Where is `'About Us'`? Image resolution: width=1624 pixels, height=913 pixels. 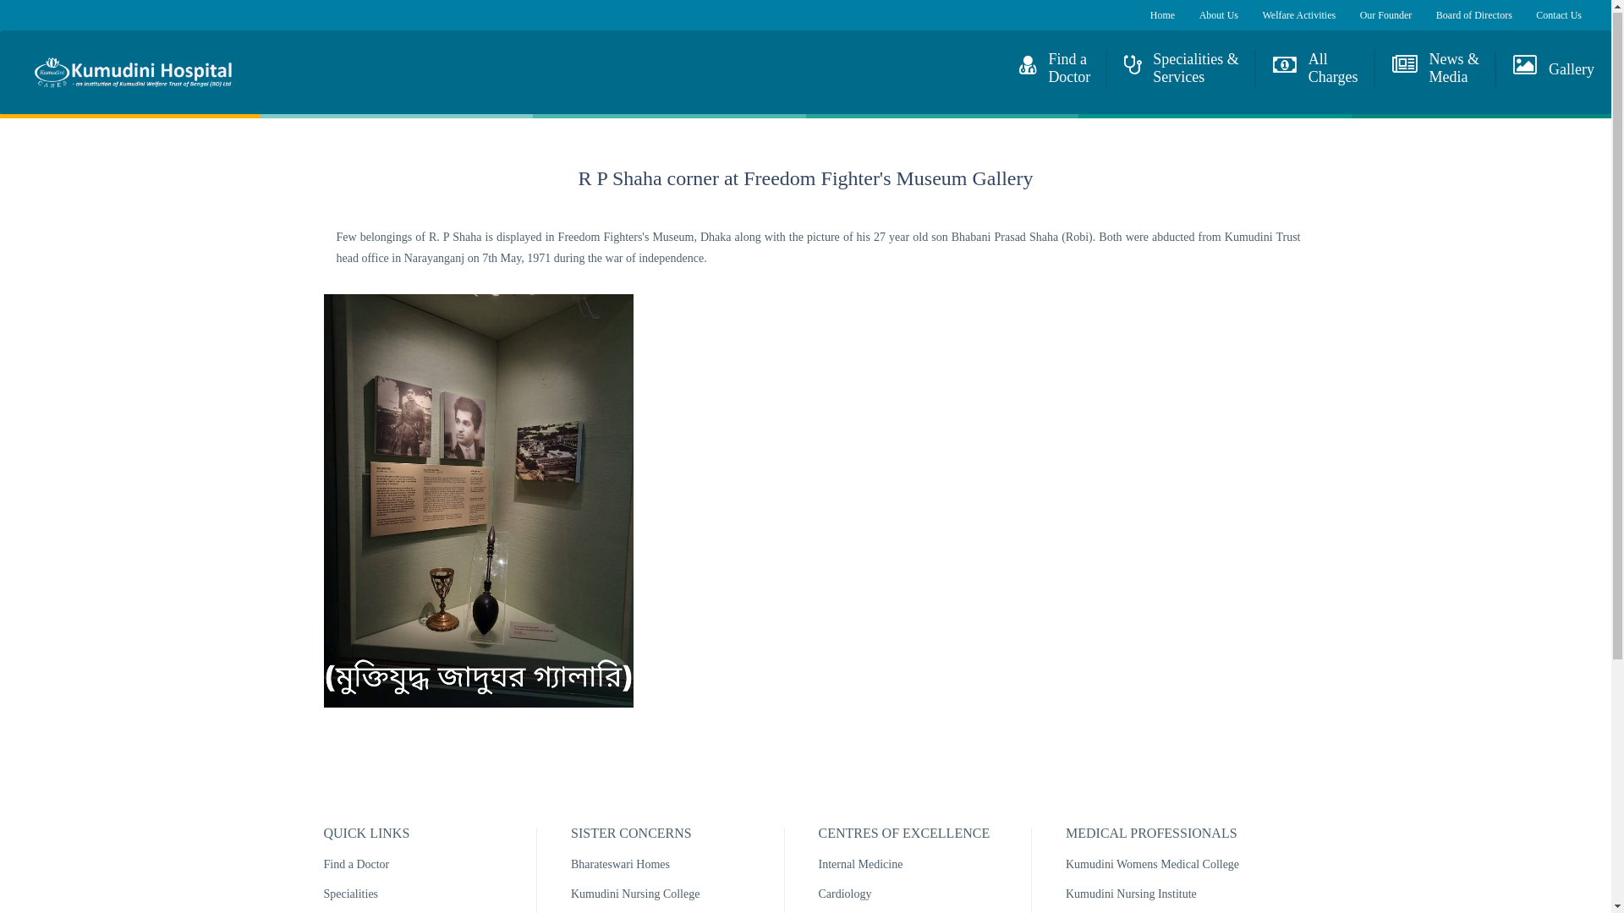
'About Us' is located at coordinates (1218, 16).